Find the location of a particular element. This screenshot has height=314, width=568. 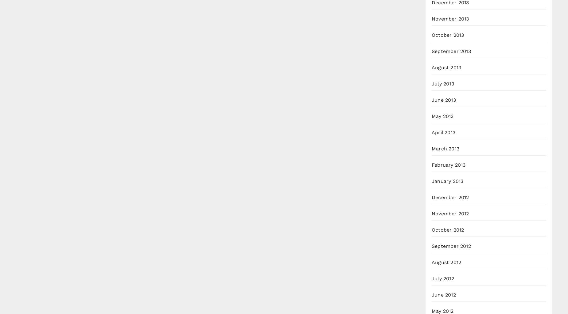

'June 2013' is located at coordinates (444, 100).